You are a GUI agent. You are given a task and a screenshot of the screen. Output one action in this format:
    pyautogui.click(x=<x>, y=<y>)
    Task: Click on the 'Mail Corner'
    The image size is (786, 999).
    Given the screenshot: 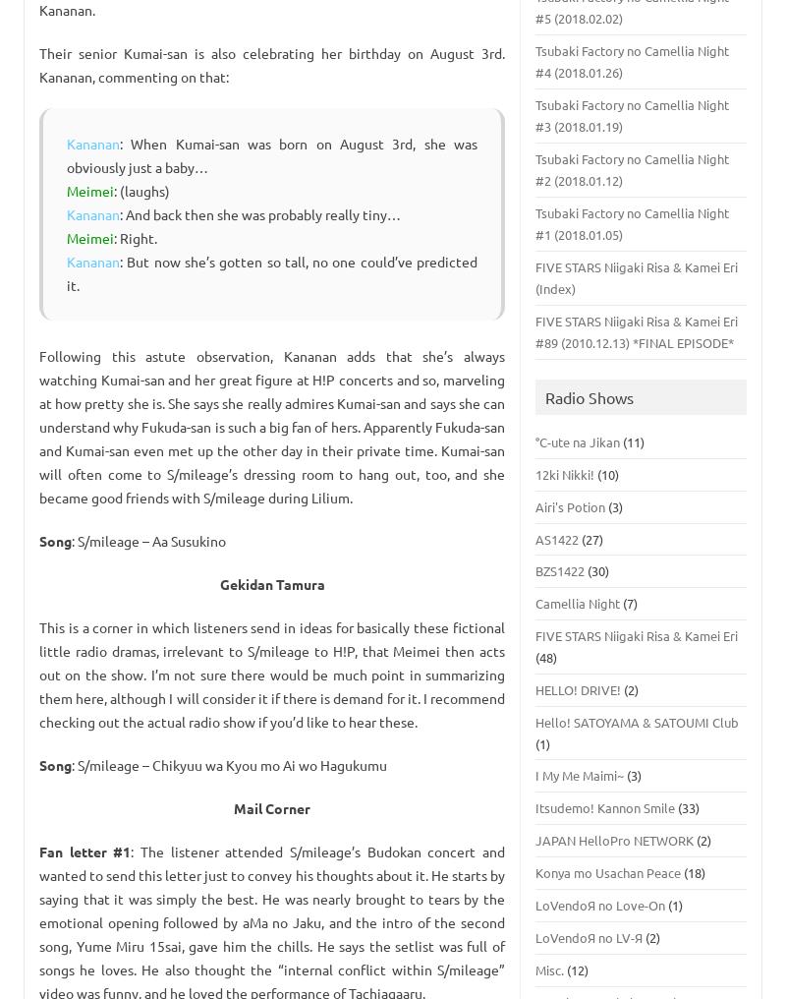 What is the action you would take?
    pyautogui.click(x=272, y=807)
    